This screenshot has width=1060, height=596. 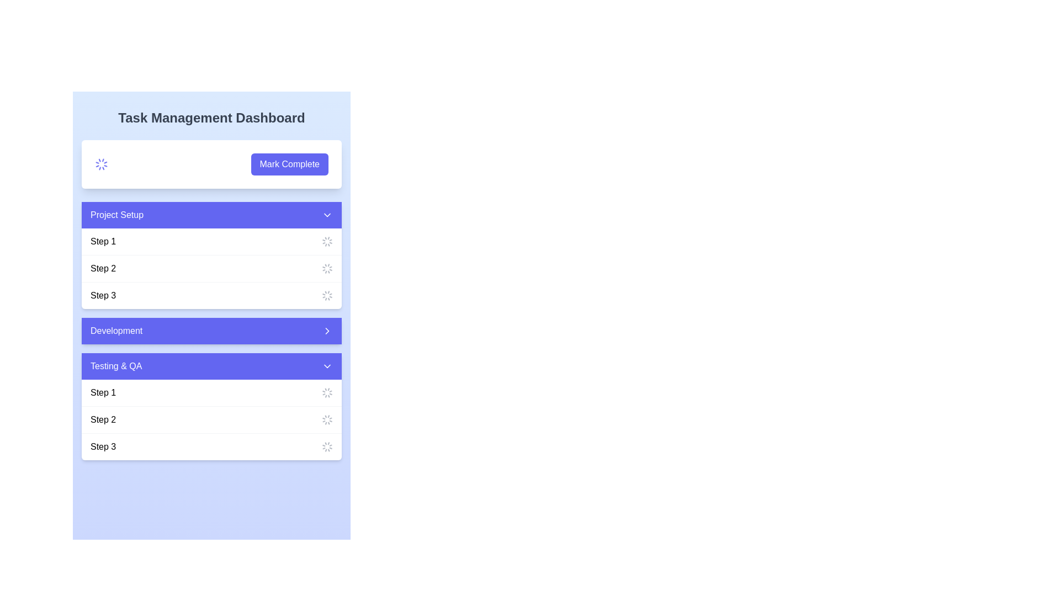 I want to click on the disclosure icon located to the right of the 'Development' text label in the collapsible header, so click(x=327, y=331).